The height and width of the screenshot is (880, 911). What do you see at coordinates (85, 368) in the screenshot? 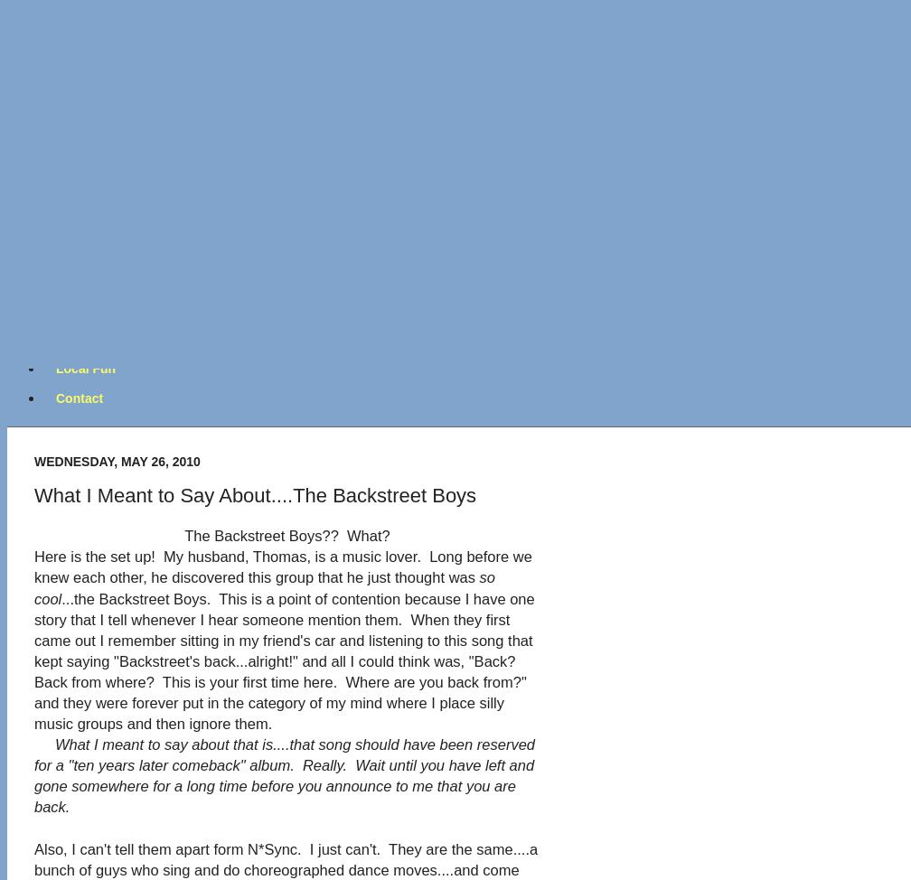
I see `'Local Fun'` at bounding box center [85, 368].